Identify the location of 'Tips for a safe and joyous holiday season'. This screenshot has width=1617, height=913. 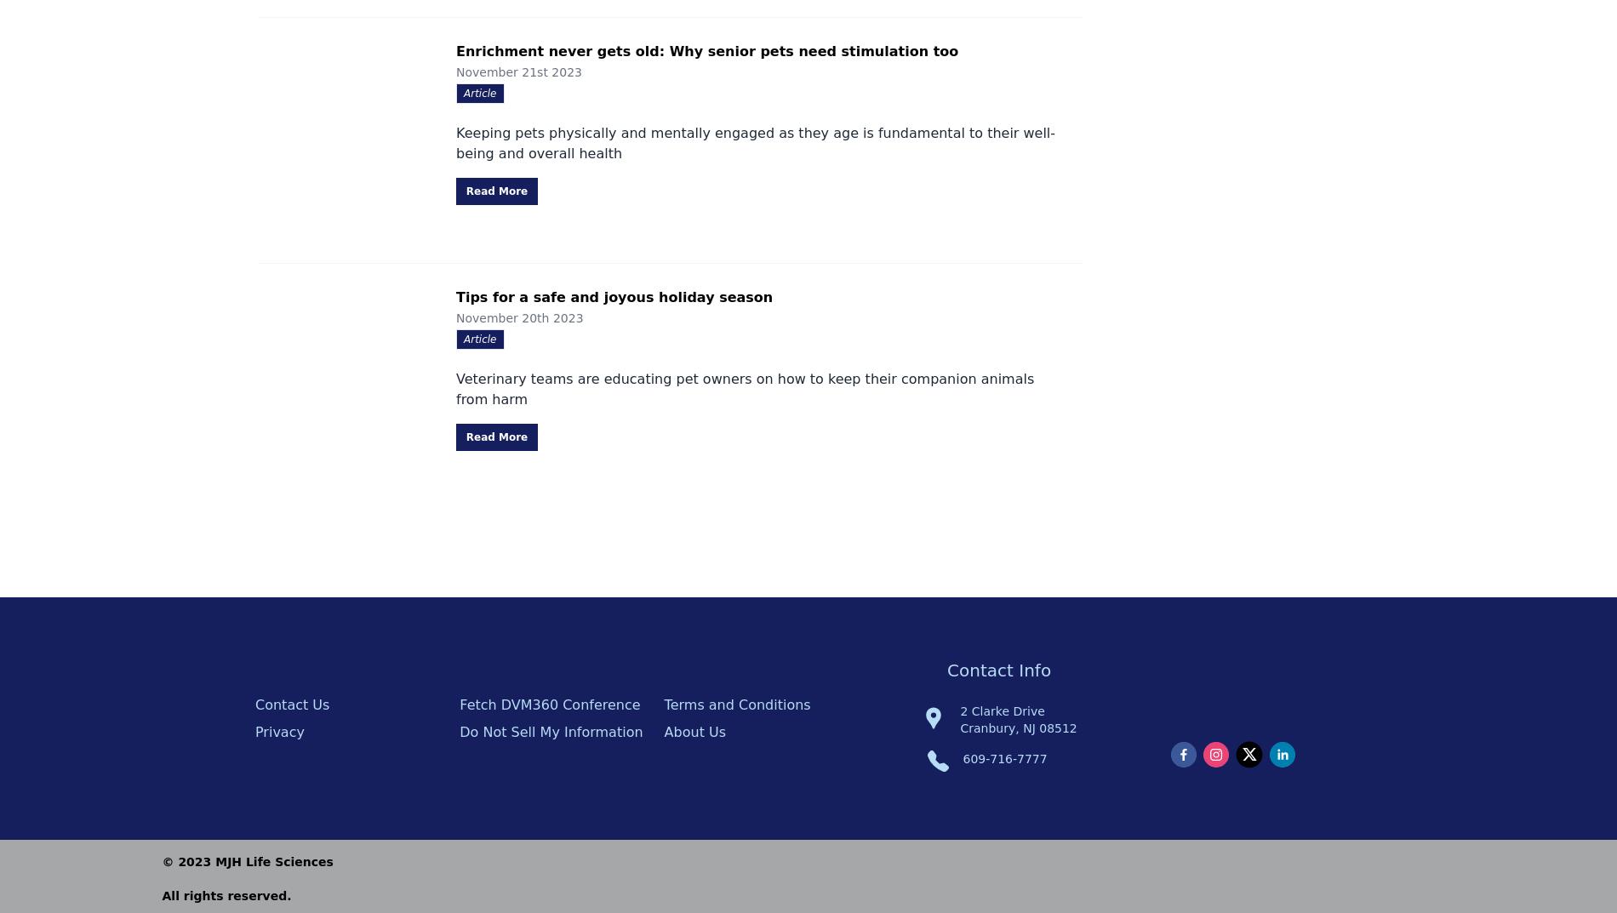
(614, 297).